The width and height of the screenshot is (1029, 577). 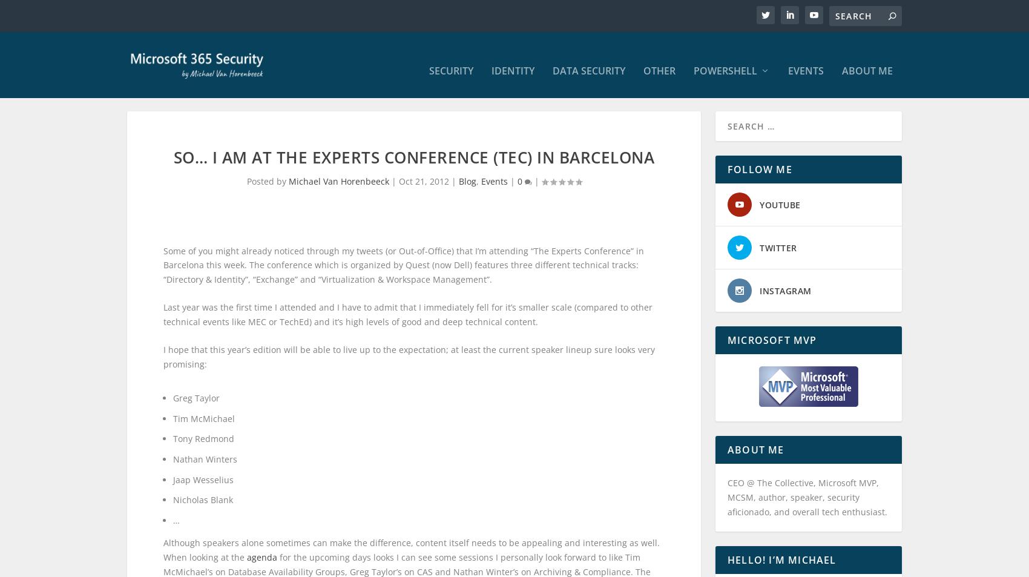 I want to click on 'Last year was the first time I attended and I have to admit that I immediately fell for it’s smaller scale (compared to other technical events like MEC or TechEd) and it’s high levels of good and deep technical content.', so click(x=163, y=326).